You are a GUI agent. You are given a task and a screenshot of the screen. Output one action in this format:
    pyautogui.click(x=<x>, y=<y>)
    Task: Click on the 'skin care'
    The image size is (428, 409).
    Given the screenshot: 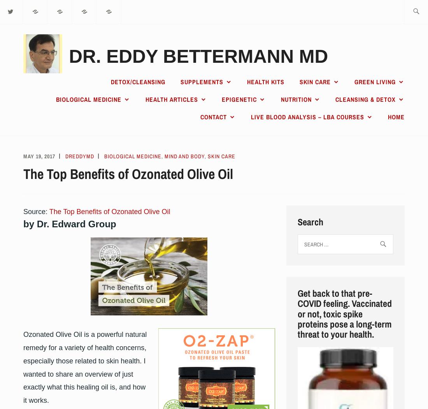 What is the action you would take?
    pyautogui.click(x=221, y=156)
    